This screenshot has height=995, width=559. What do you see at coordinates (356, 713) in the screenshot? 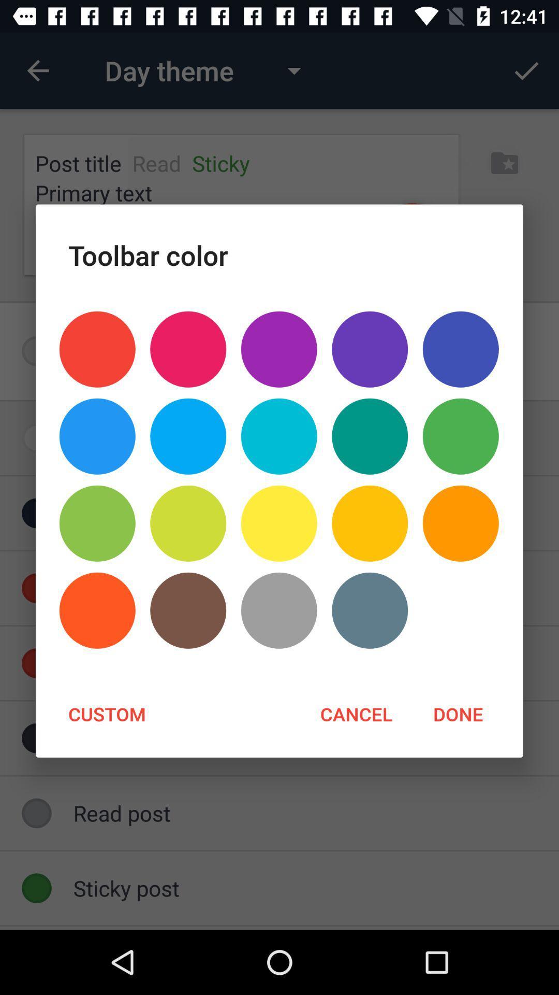
I see `item next to the done icon` at bounding box center [356, 713].